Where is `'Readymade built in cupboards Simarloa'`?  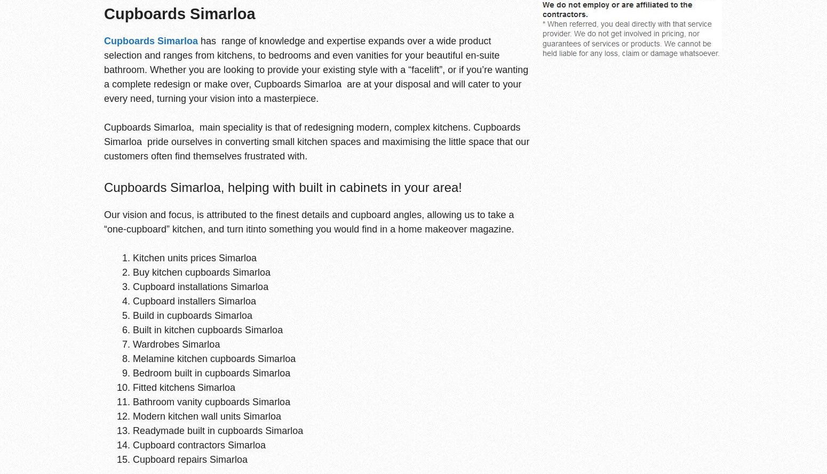 'Readymade built in cupboards Simarloa' is located at coordinates (218, 430).